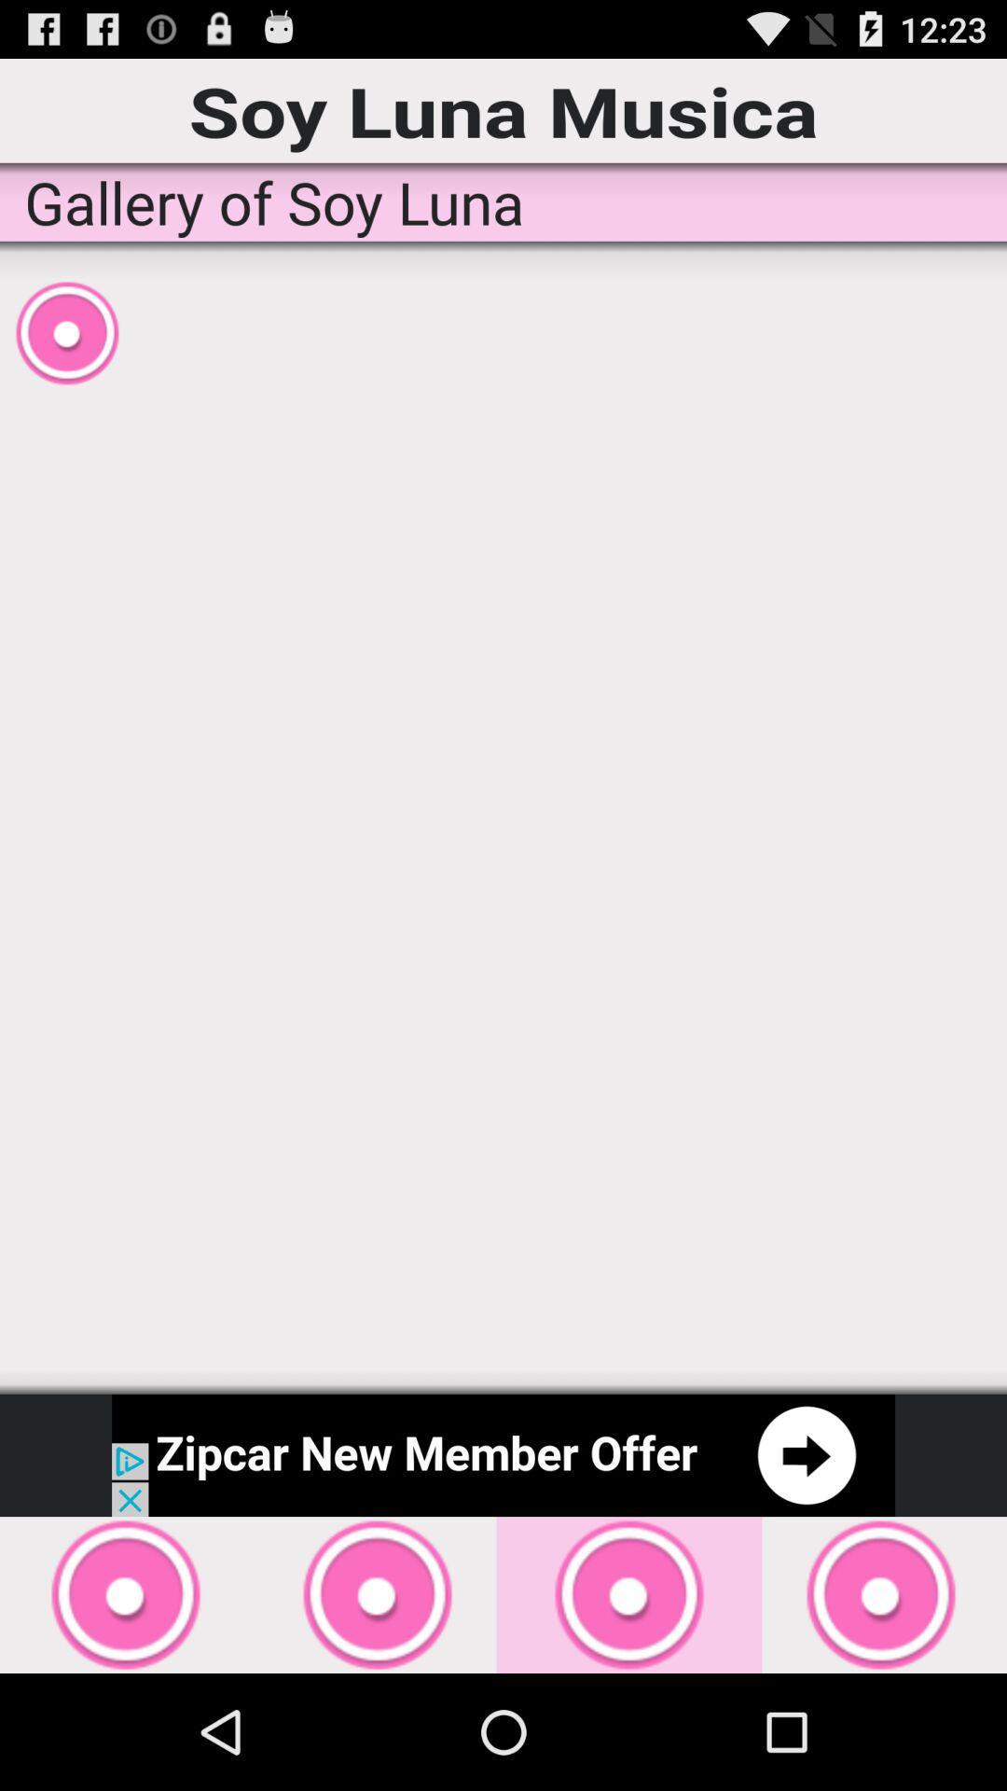 The height and width of the screenshot is (1791, 1007). I want to click on link to an advertisement site, so click(504, 1454).